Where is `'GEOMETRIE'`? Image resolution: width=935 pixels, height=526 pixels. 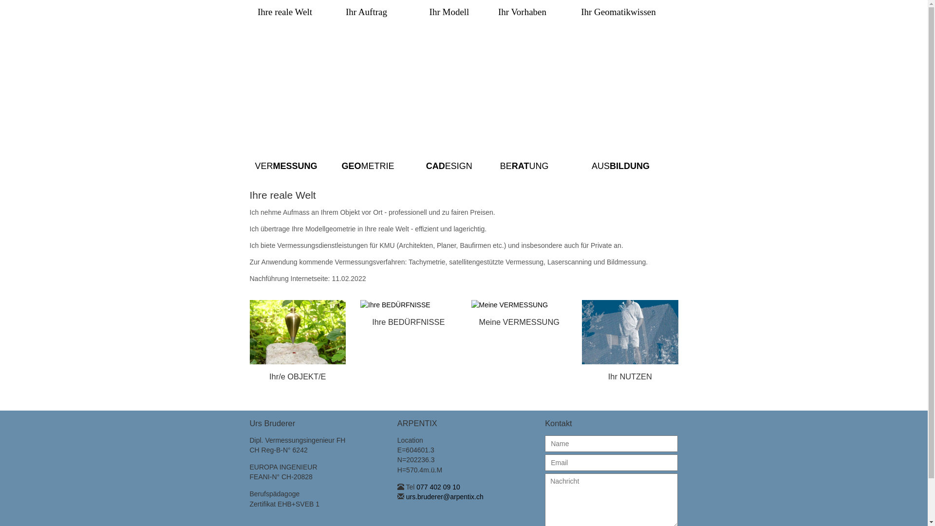 'GEOMETRIE' is located at coordinates (367, 165).